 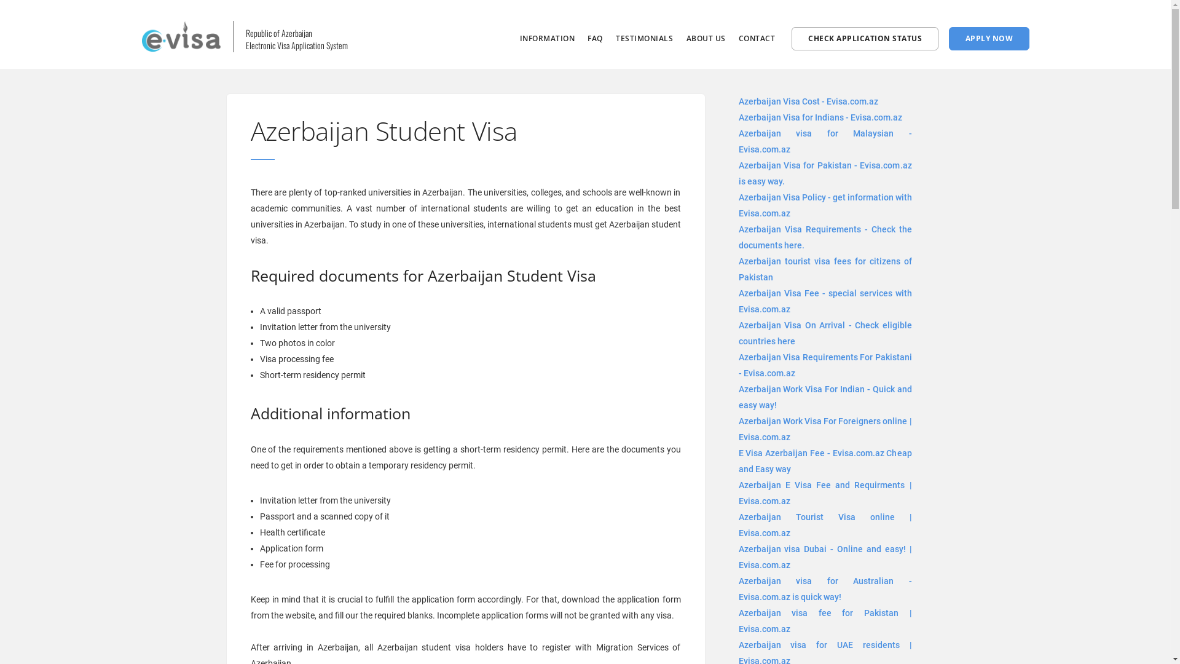 I want to click on 'Azerbaijan Tourist Visa online | Evisa.com.az', so click(x=825, y=524).